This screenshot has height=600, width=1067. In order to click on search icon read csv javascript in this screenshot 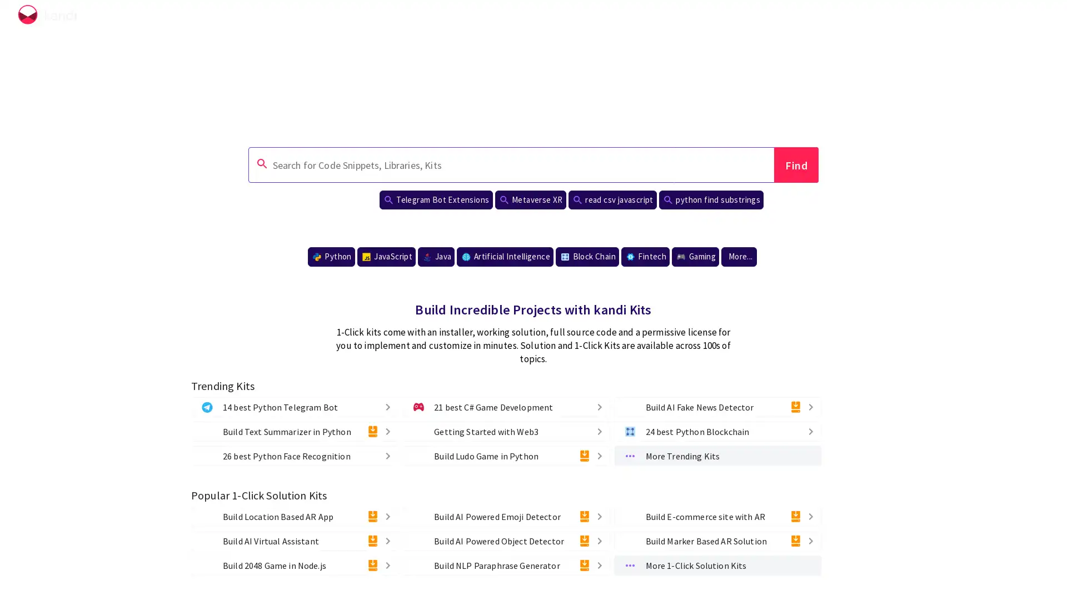, I will do `click(611, 199)`.